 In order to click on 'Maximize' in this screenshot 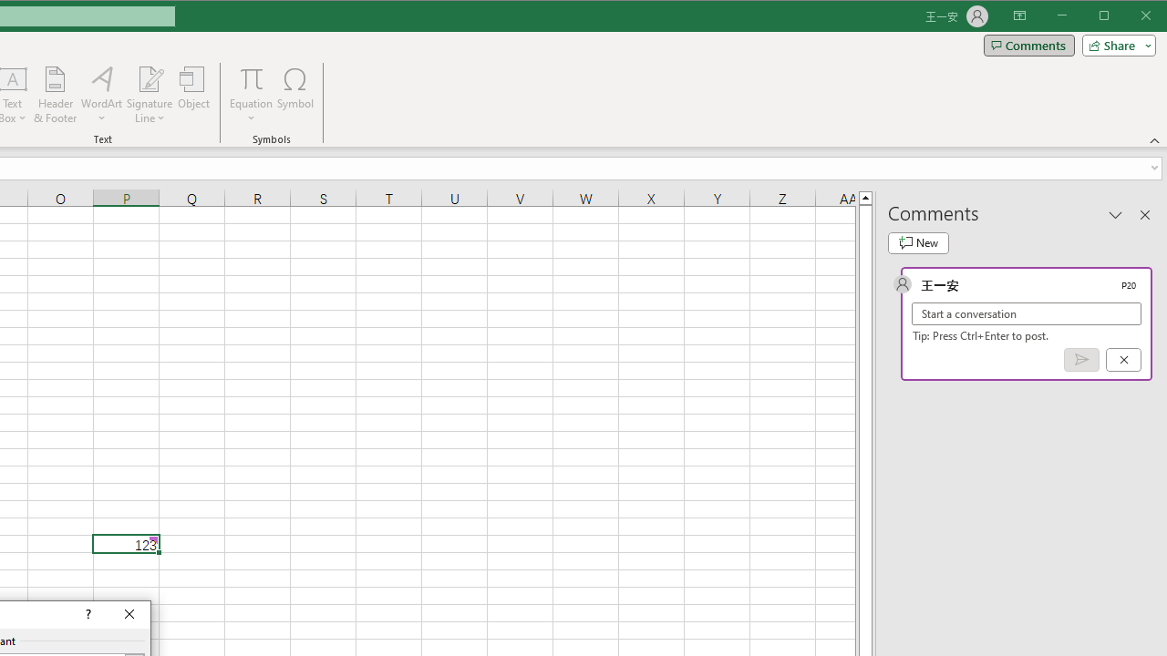, I will do `click(1129, 17)`.